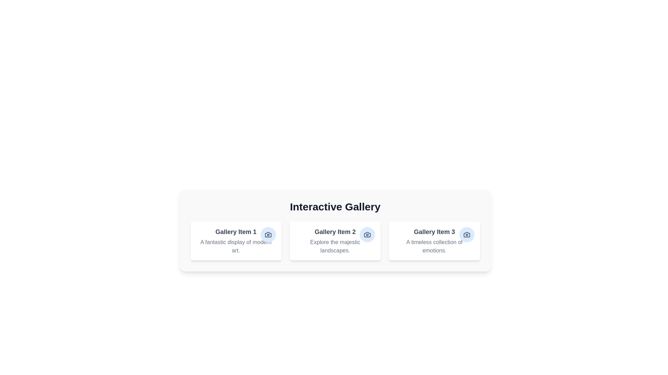 This screenshot has height=375, width=668. Describe the element at coordinates (236, 241) in the screenshot. I see `the gallery item with the title Gallery Item 1` at that location.